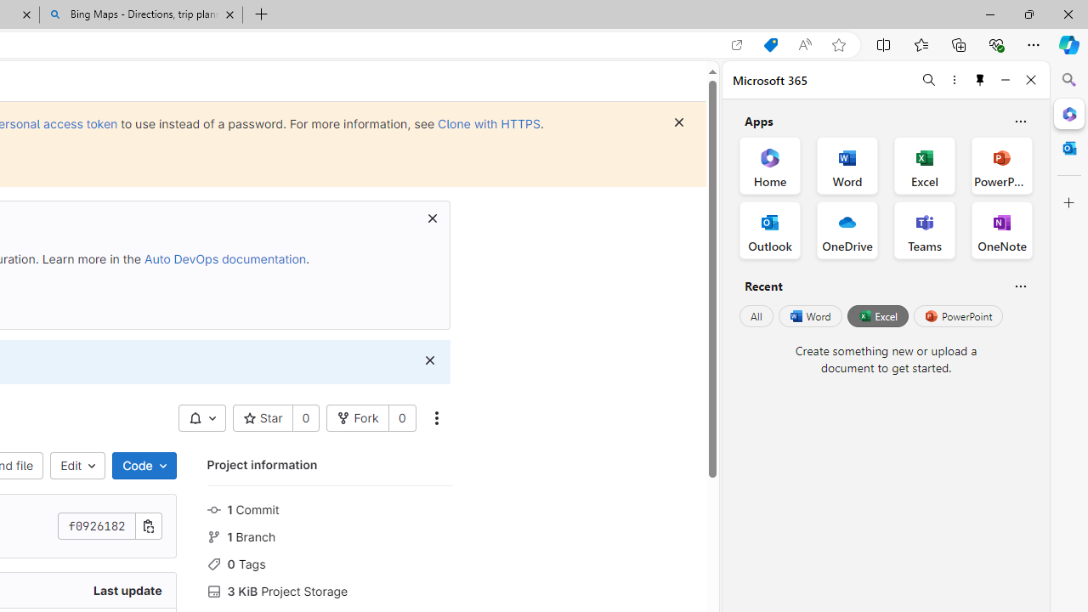  What do you see at coordinates (77, 465) in the screenshot?
I see `'Edit'` at bounding box center [77, 465].